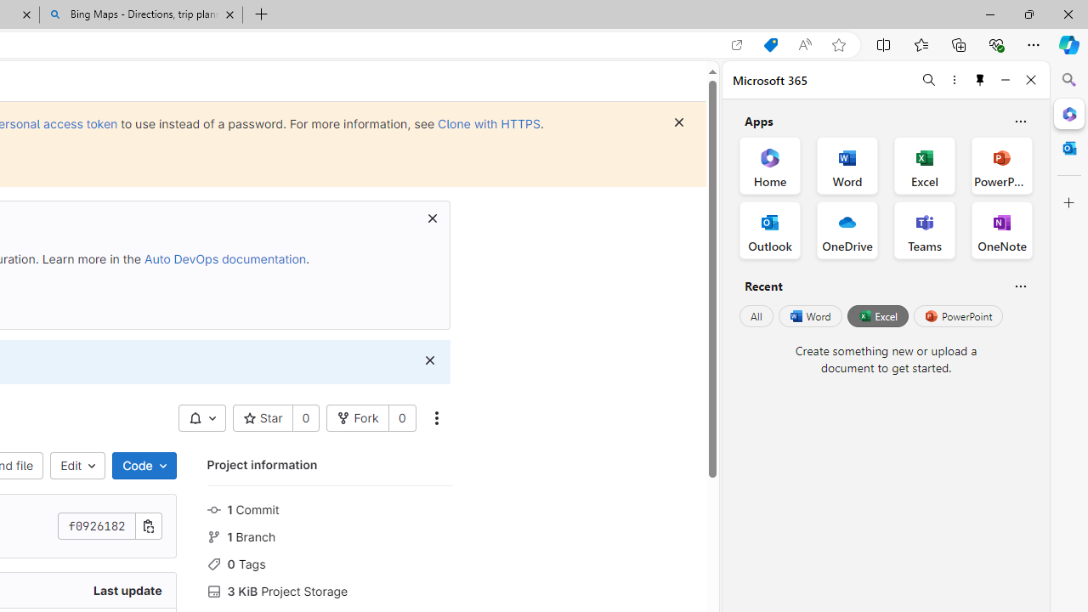  What do you see at coordinates (77, 465) in the screenshot?
I see `'Edit'` at bounding box center [77, 465].